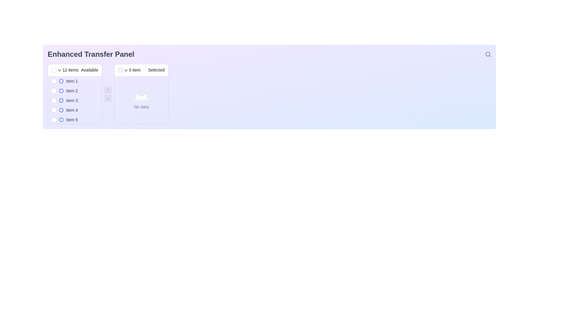 The width and height of the screenshot is (580, 326). What do you see at coordinates (61, 81) in the screenshot?
I see `the visual styling of the blue outlined circular emblem icon located to the left of the text 'Item 1' in the first selectable list item` at bounding box center [61, 81].